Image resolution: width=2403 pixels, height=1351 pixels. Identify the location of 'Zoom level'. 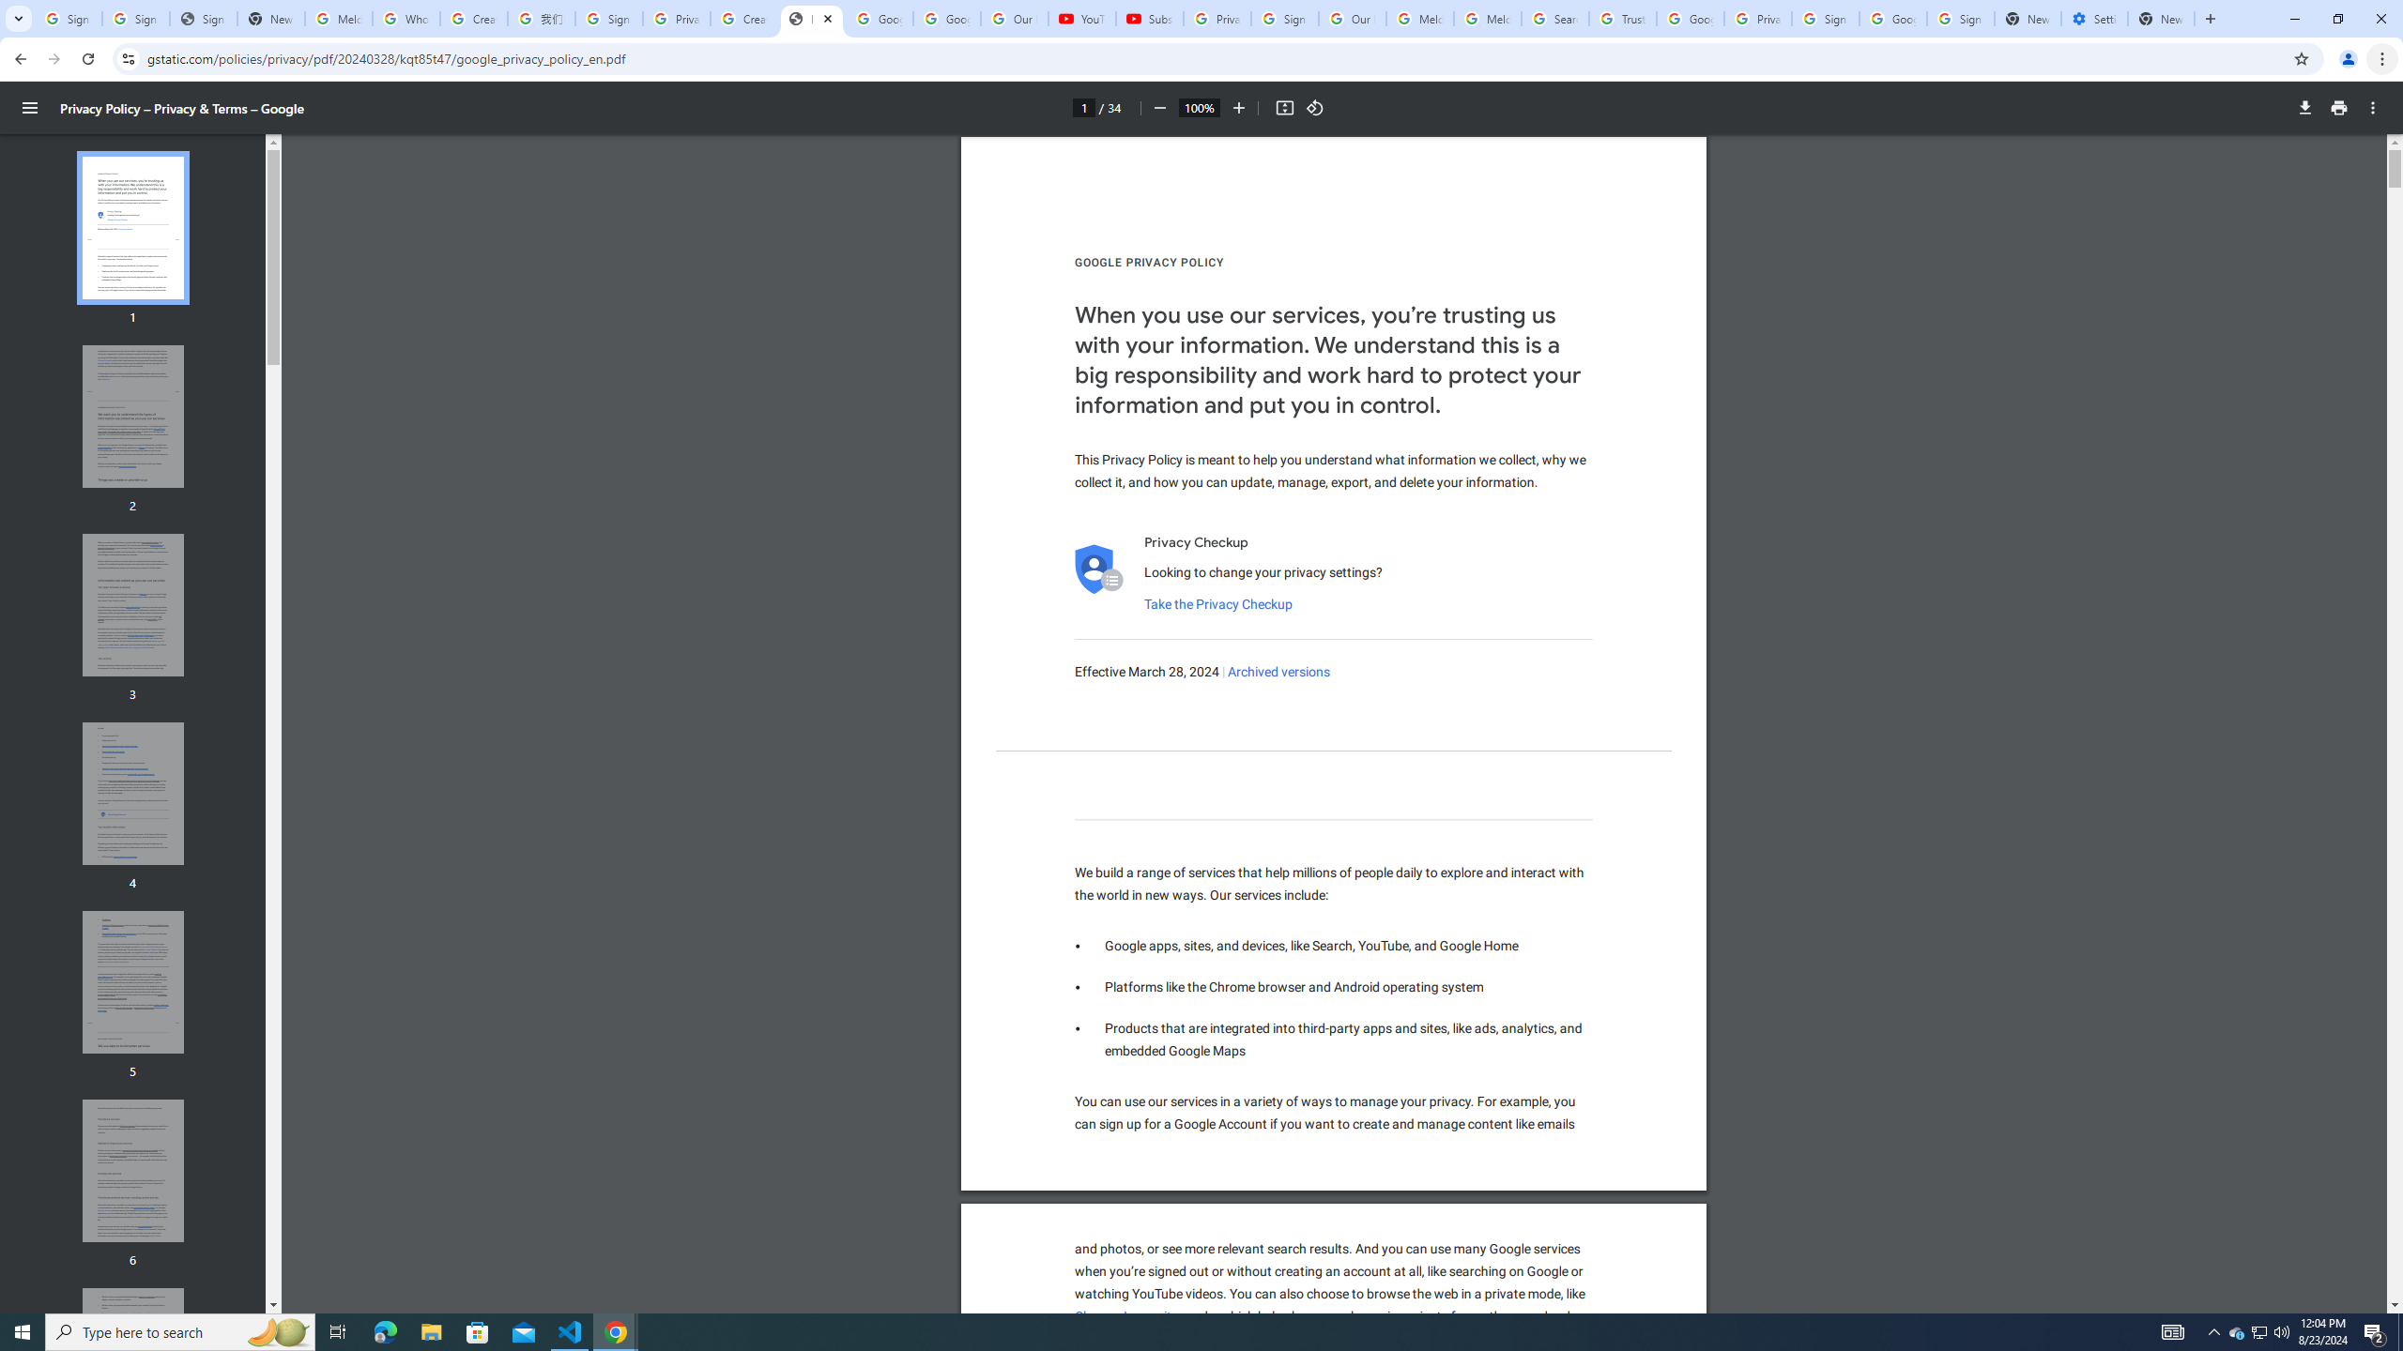
(1198, 107).